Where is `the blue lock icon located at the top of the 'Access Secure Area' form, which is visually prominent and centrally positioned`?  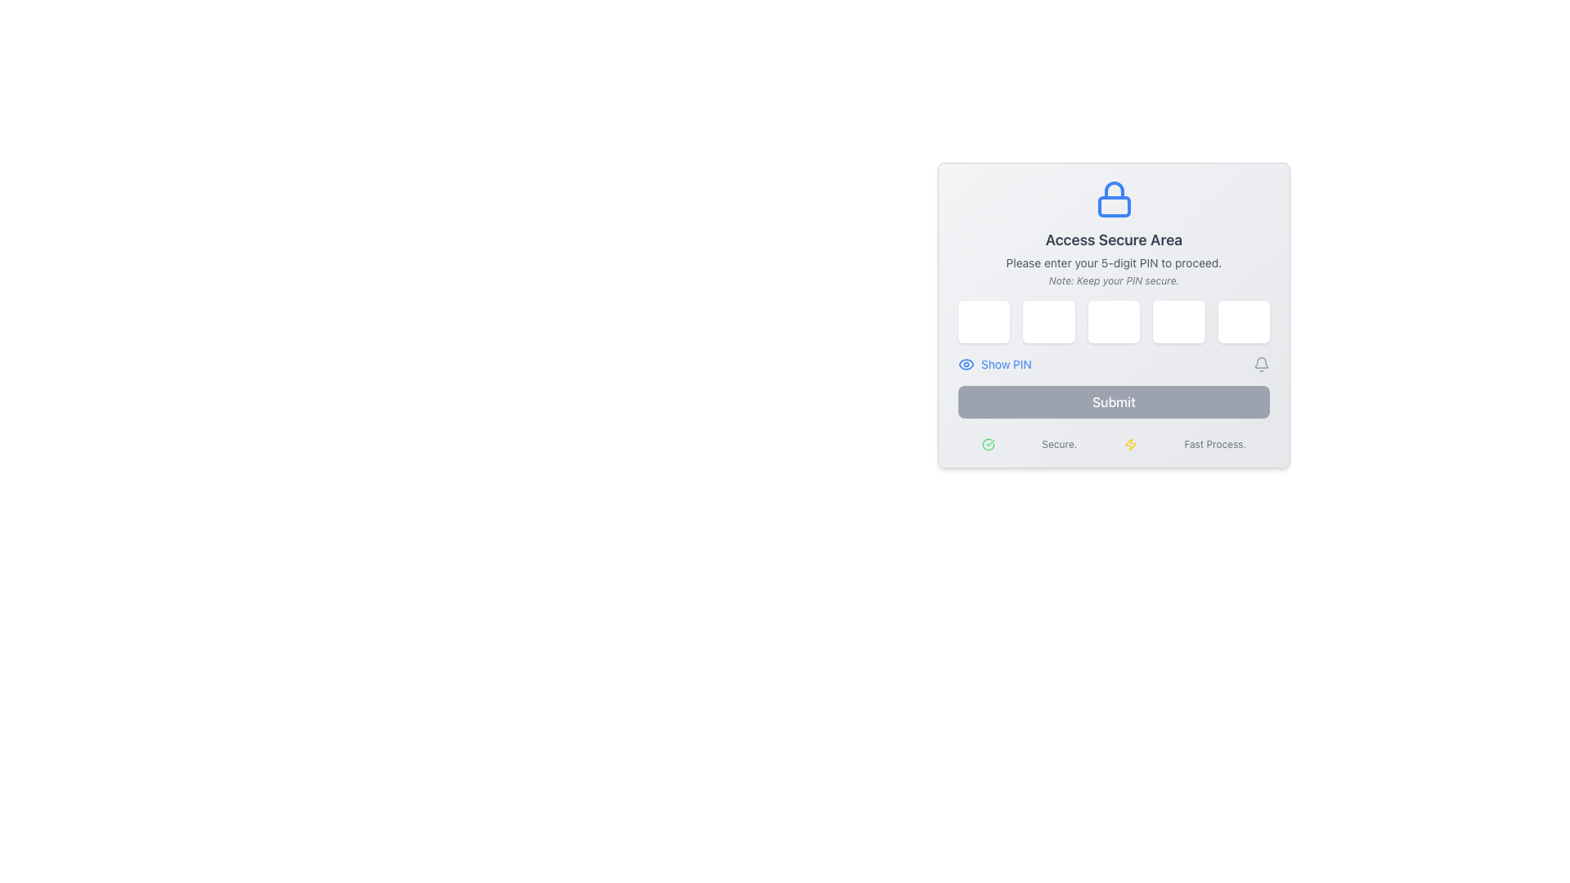 the blue lock icon located at the top of the 'Access Secure Area' form, which is visually prominent and centrally positioned is located at coordinates (1113, 198).